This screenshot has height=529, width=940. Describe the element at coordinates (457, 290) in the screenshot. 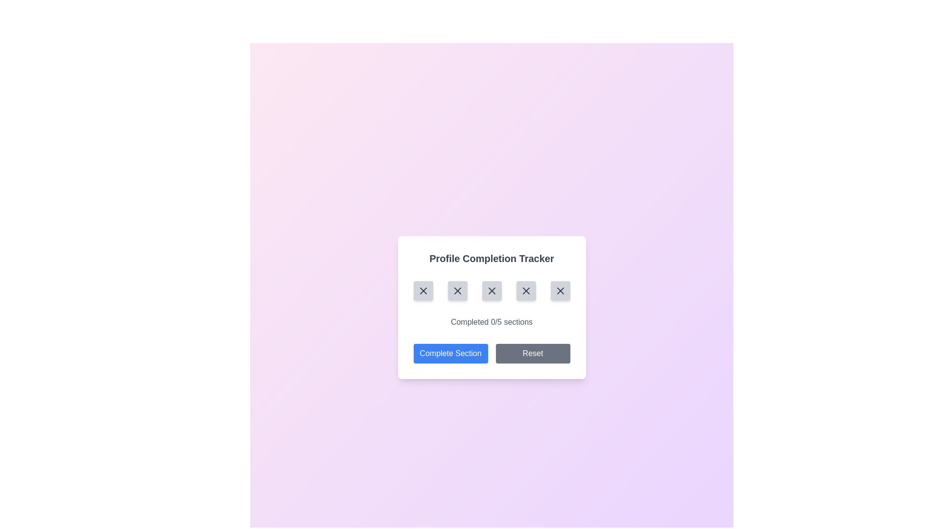

I see `the second 'X' icon in the Profile Completion Tracker for additional actions` at that location.